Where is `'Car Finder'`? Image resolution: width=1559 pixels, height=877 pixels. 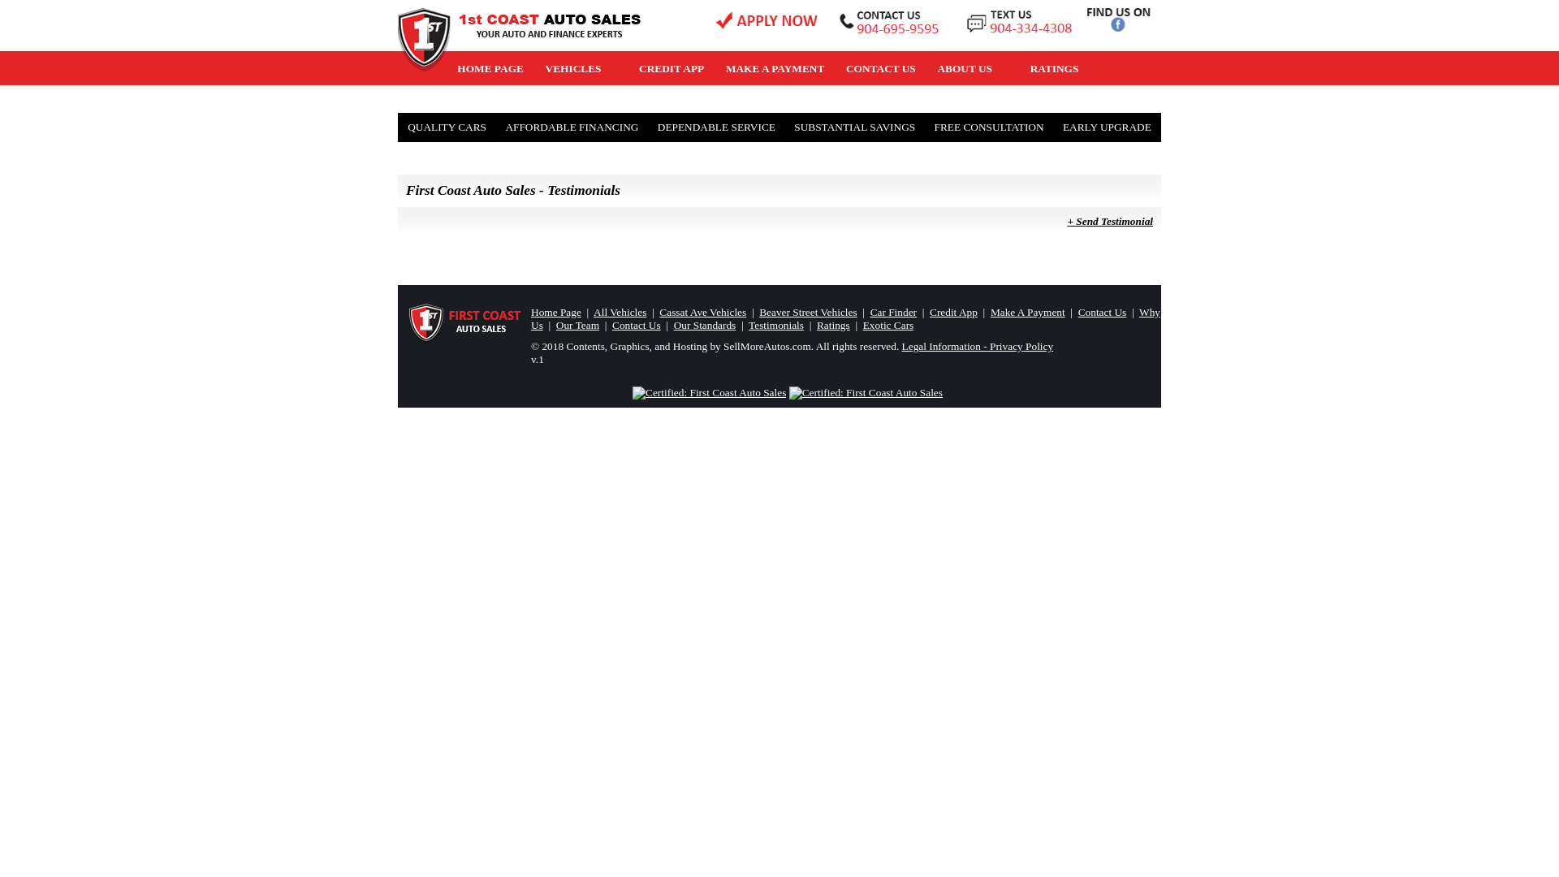 'Car Finder' is located at coordinates (869, 312).